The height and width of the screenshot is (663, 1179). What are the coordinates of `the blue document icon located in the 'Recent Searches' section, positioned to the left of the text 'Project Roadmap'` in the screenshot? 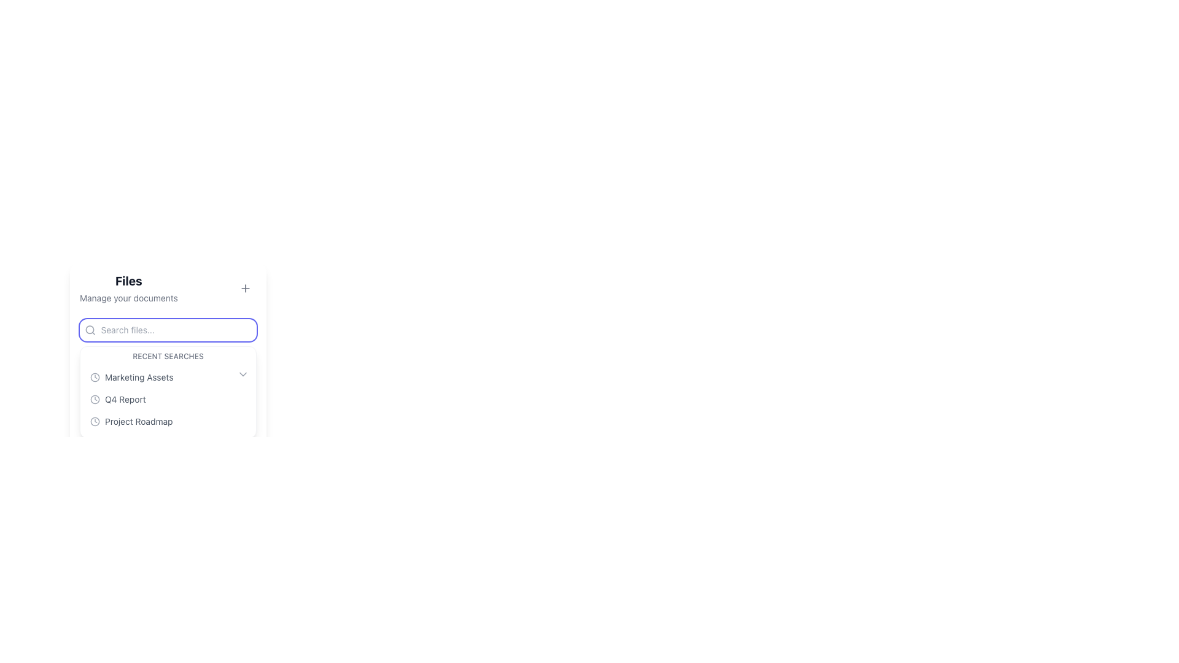 It's located at (108, 425).